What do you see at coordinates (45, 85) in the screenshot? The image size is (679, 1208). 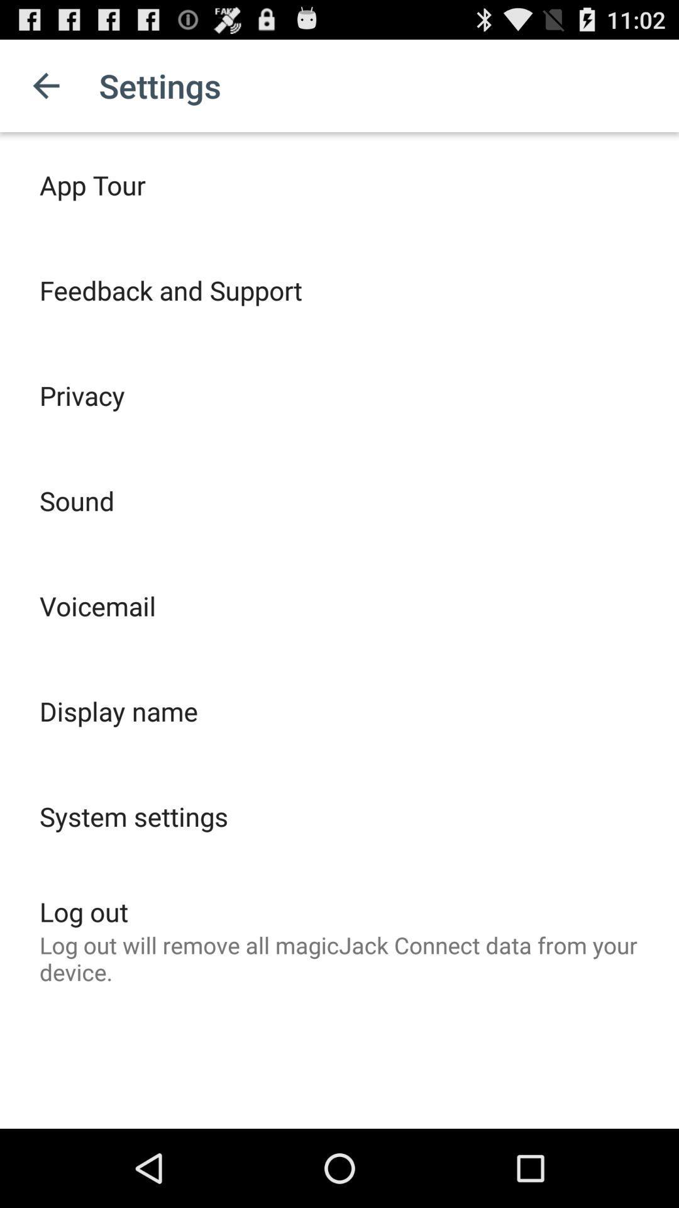 I see `icon above app tour item` at bounding box center [45, 85].